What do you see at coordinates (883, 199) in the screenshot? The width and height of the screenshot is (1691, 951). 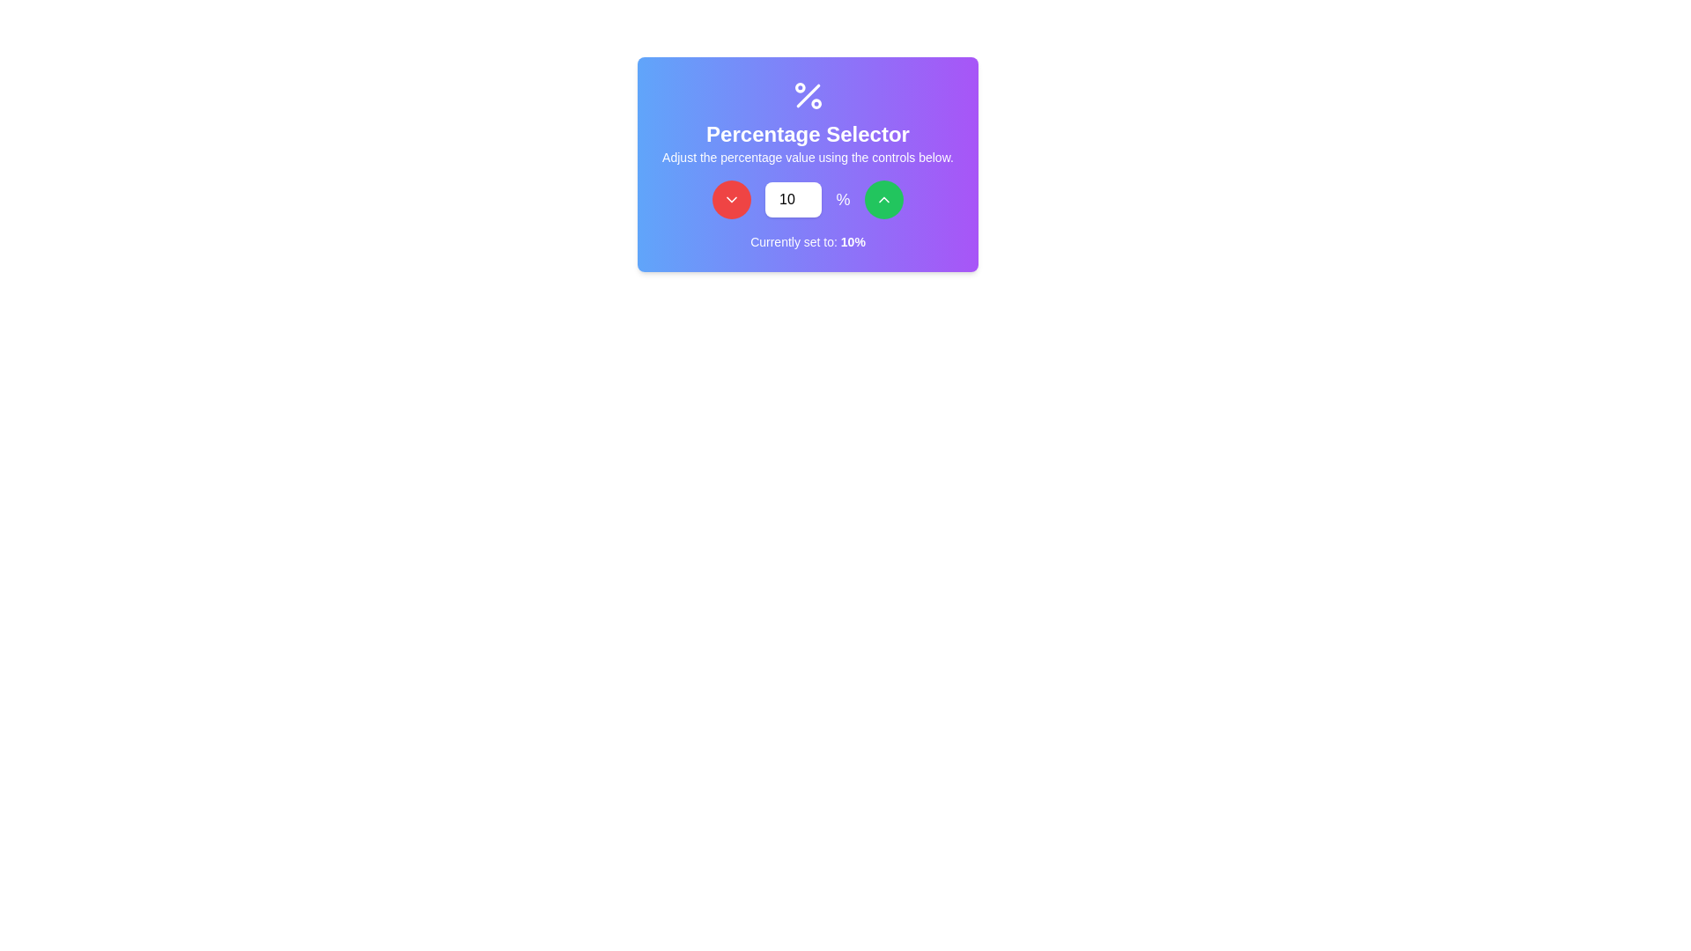 I see `the upward-pointing chevron icon within the green circular button located at the upper-right position of the 'Percentage Selector' interface card` at bounding box center [883, 199].